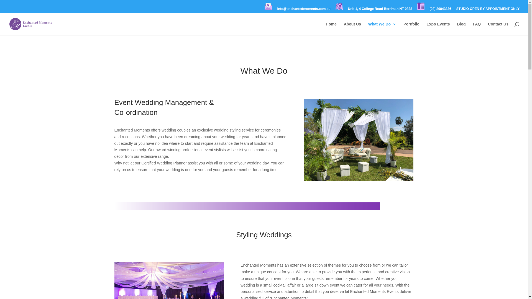 The image size is (532, 299). What do you see at coordinates (380, 10) in the screenshot?
I see `'Unit 1, 4 College Road Berrimah NT 0828'` at bounding box center [380, 10].